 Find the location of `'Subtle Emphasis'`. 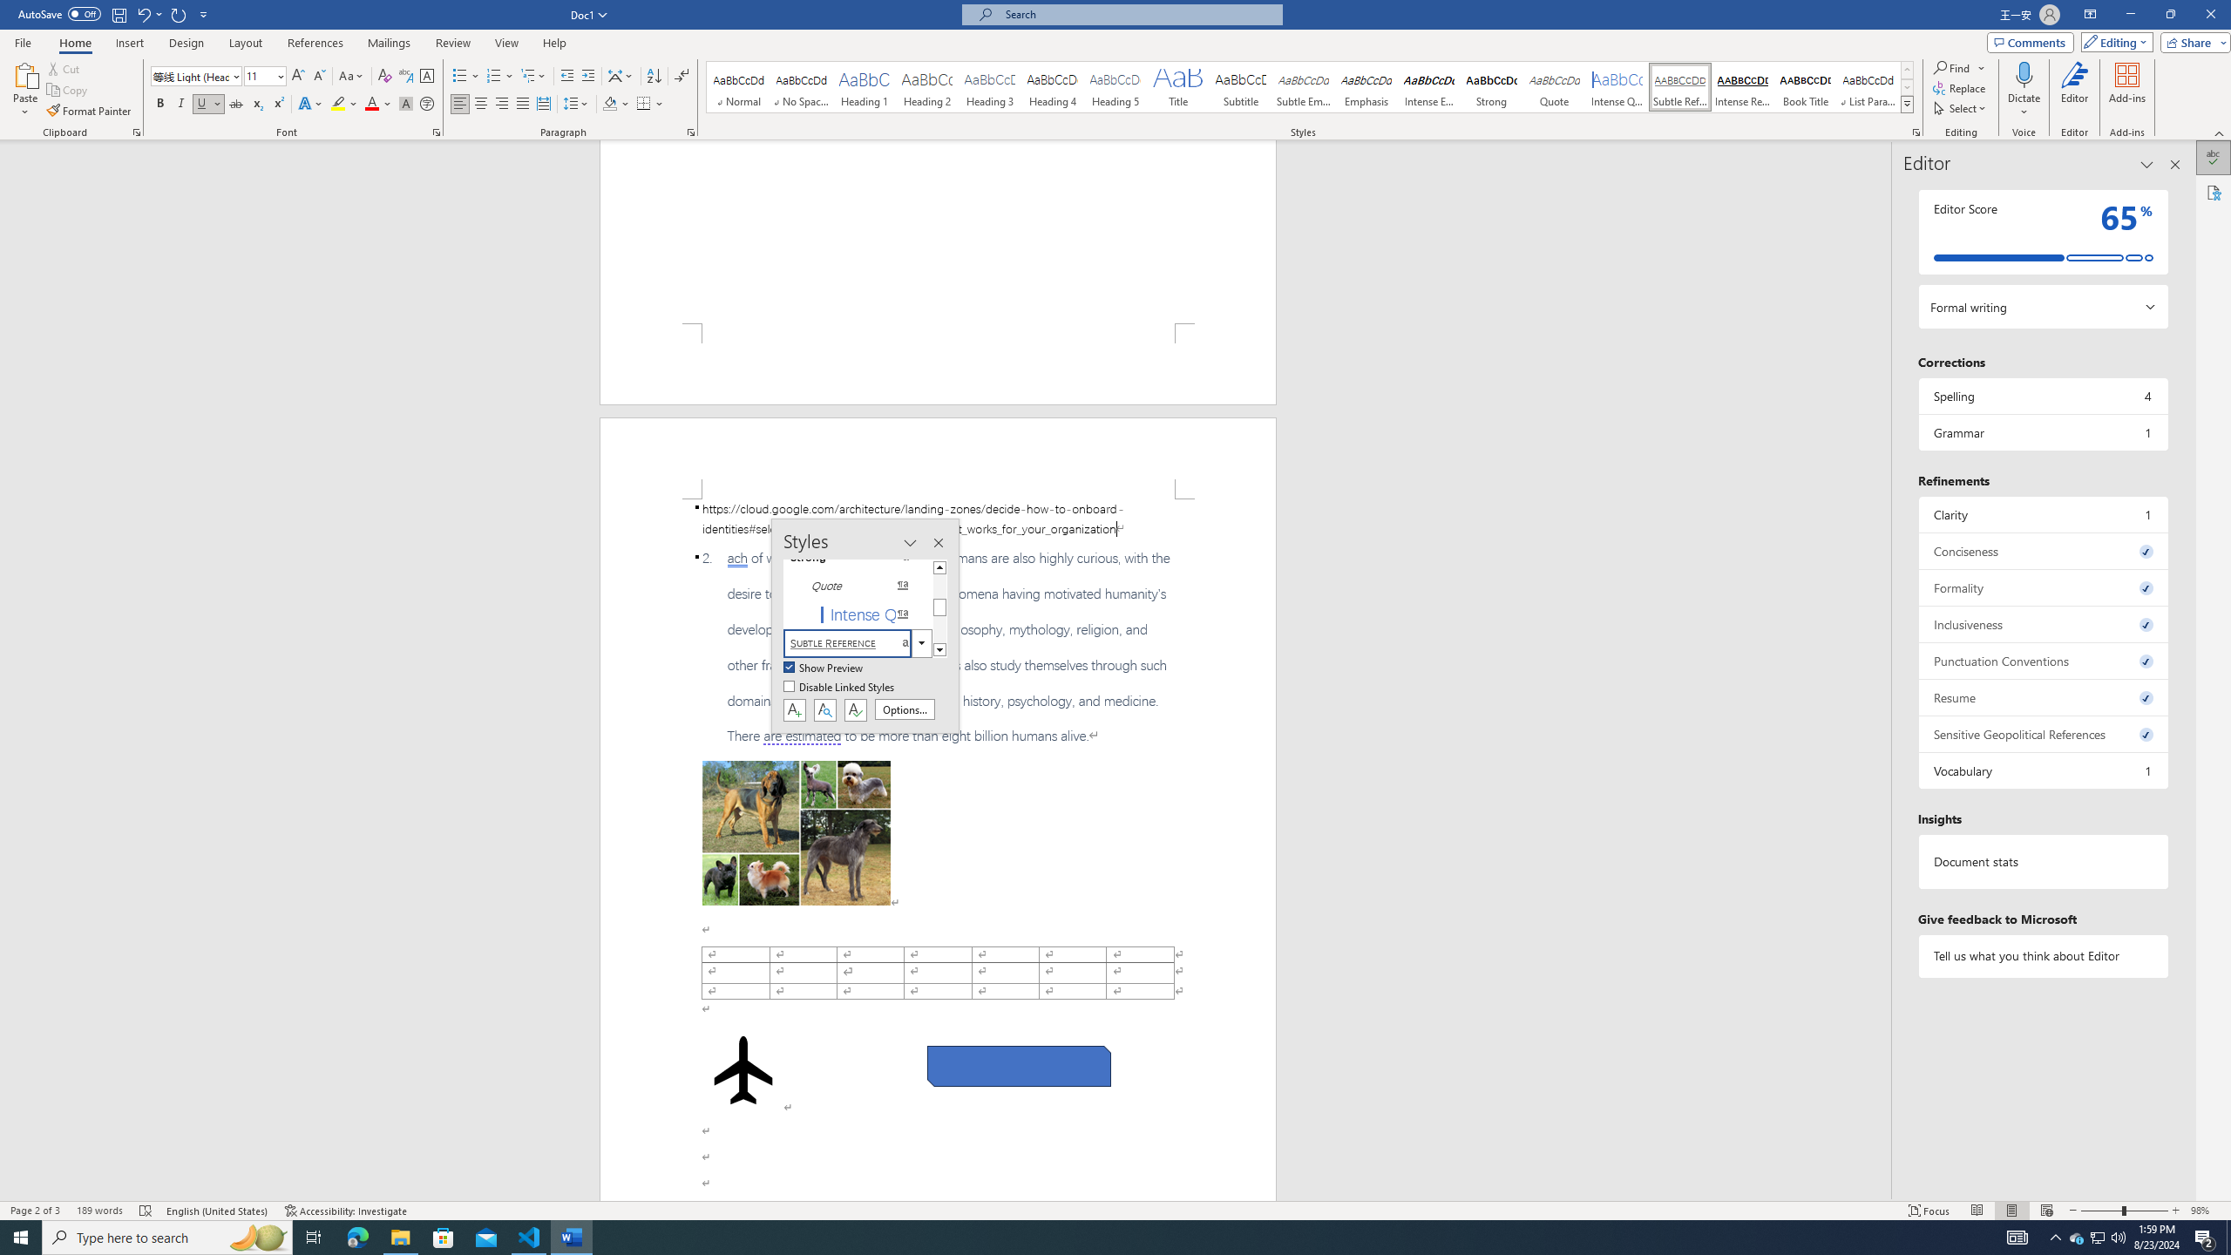

'Subtle Emphasis' is located at coordinates (1303, 86).